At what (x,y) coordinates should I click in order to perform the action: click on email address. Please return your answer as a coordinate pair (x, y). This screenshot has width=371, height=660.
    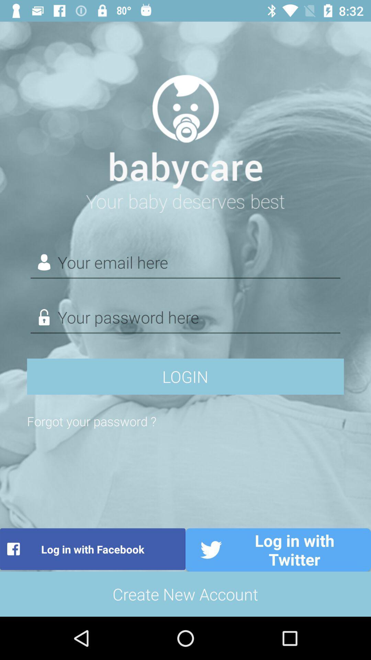
    Looking at the image, I should click on (185, 262).